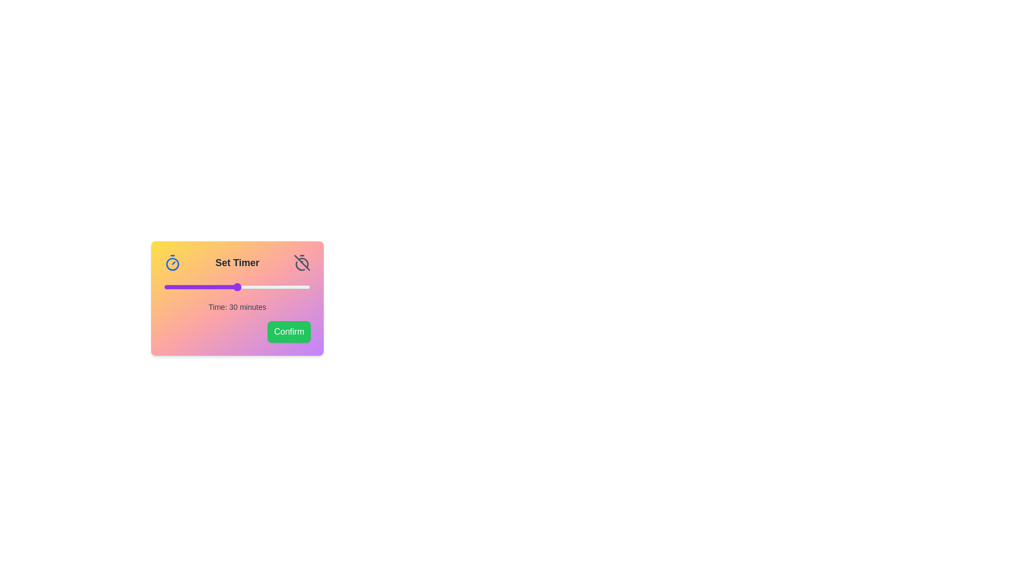 This screenshot has height=583, width=1036. What do you see at coordinates (279, 287) in the screenshot?
I see `the slider to set the timer to 47 minutes` at bounding box center [279, 287].